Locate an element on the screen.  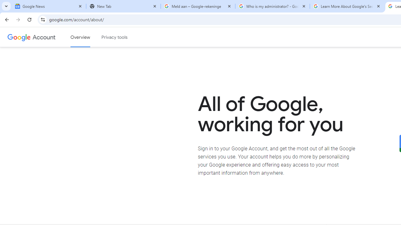
'Privacy tools' is located at coordinates (115, 37).